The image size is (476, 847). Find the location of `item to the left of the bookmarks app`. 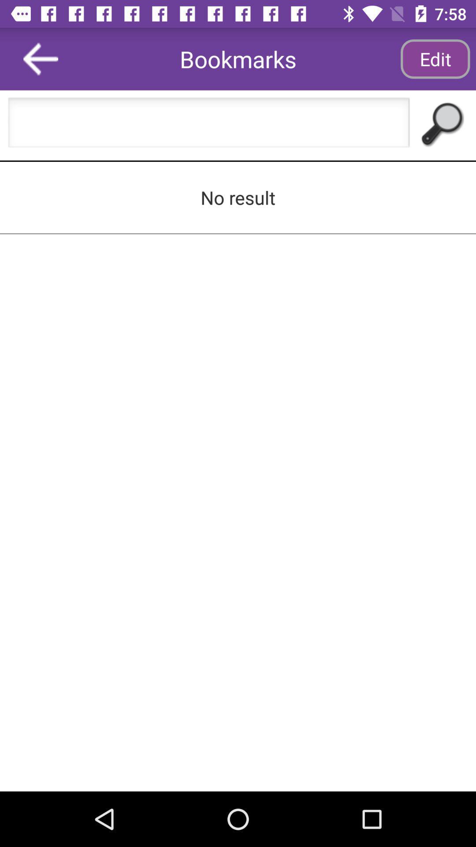

item to the left of the bookmarks app is located at coordinates (41, 58).